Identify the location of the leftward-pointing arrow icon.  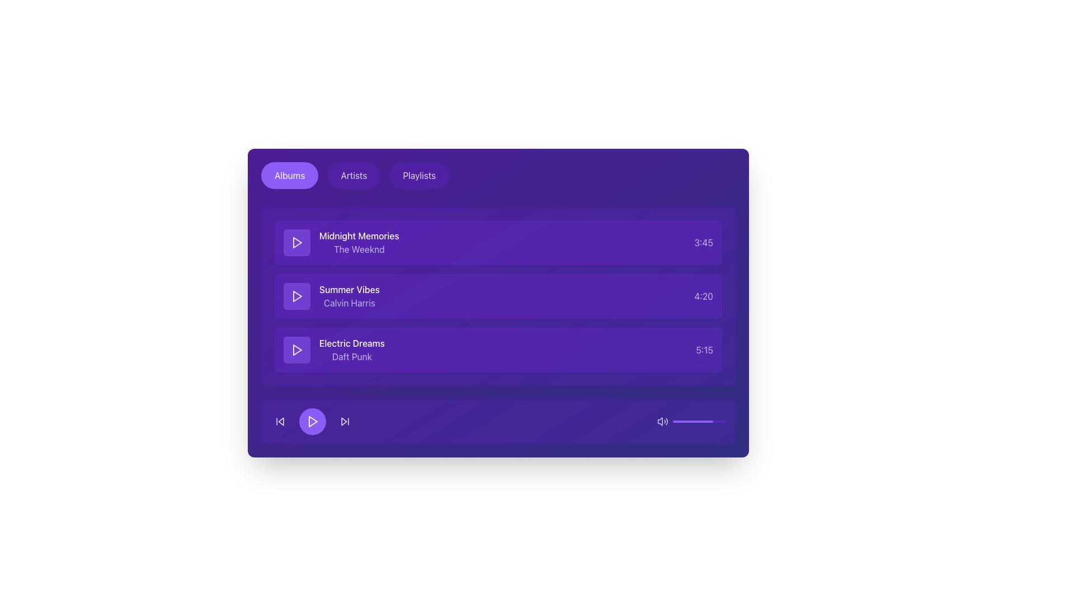
(281, 421).